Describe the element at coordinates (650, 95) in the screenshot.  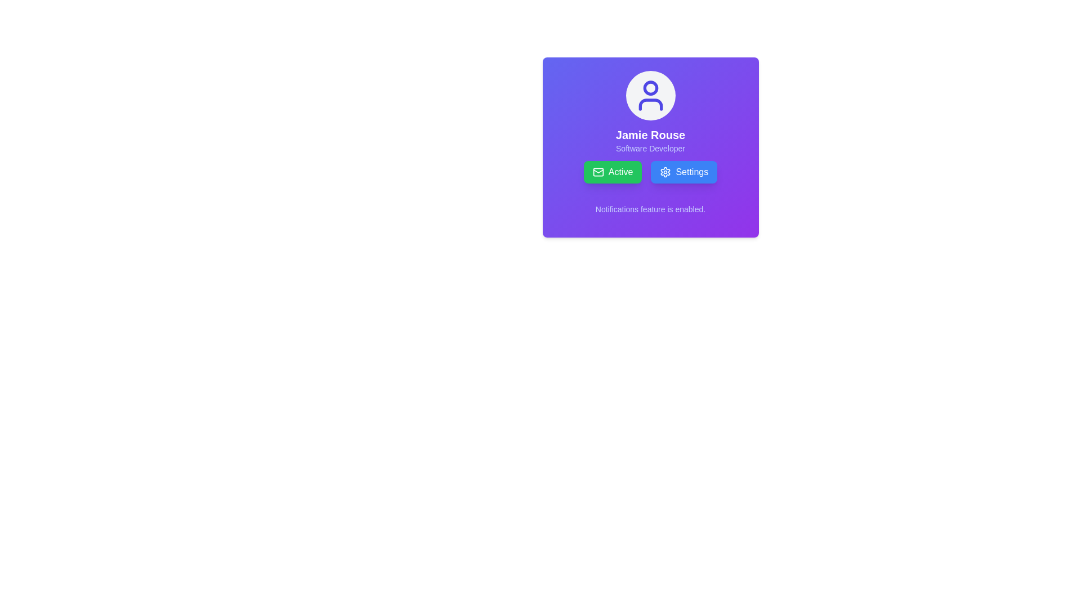
I see `the user's avatar icon located at the top of the profile card, which features a square background with rounded corners and serves as a visual cue for the user's identity` at that location.